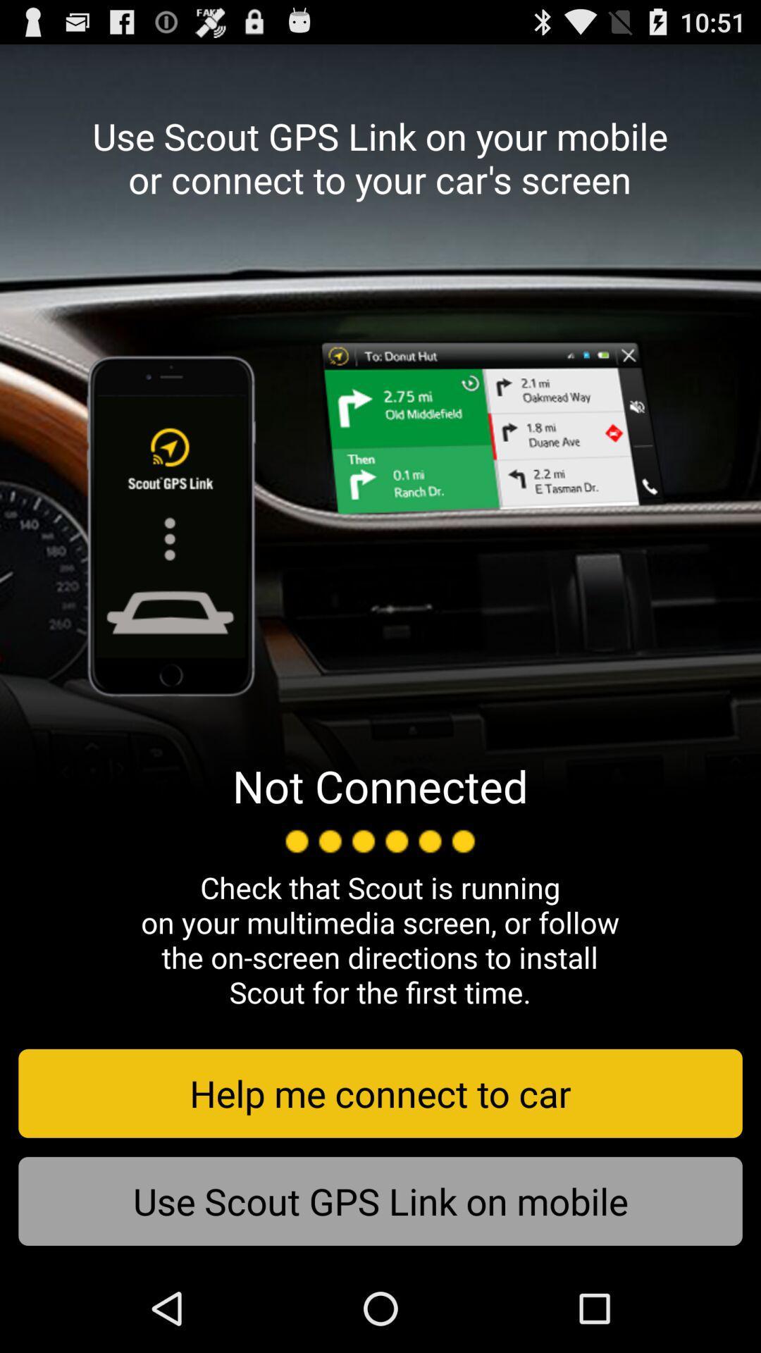  I want to click on the icon below the check that scout, so click(380, 1092).